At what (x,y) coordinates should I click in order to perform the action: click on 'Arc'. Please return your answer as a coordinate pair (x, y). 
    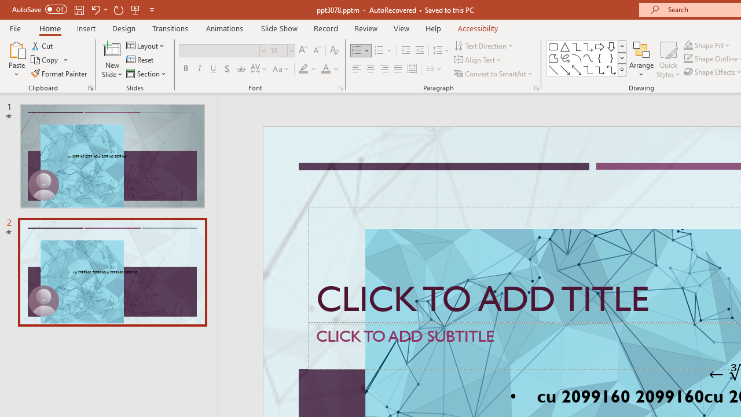
    Looking at the image, I should click on (576, 58).